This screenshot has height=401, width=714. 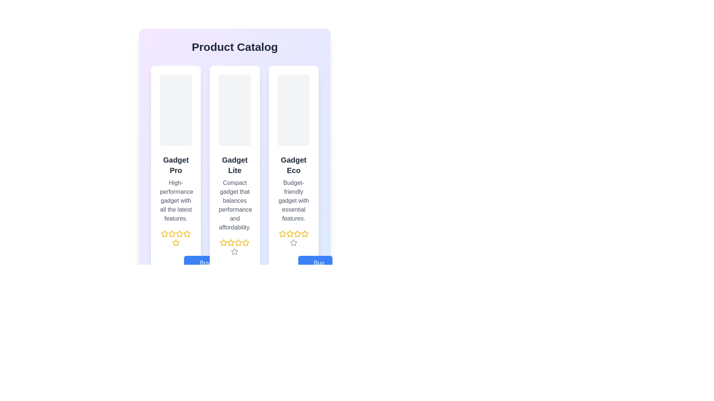 What do you see at coordinates (231, 242) in the screenshot?
I see `the third star icon in the rating section under the product 'Gadget Lite'` at bounding box center [231, 242].